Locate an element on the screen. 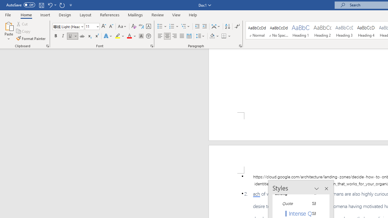 The height and width of the screenshot is (218, 388). 'Change Case' is located at coordinates (122, 26).